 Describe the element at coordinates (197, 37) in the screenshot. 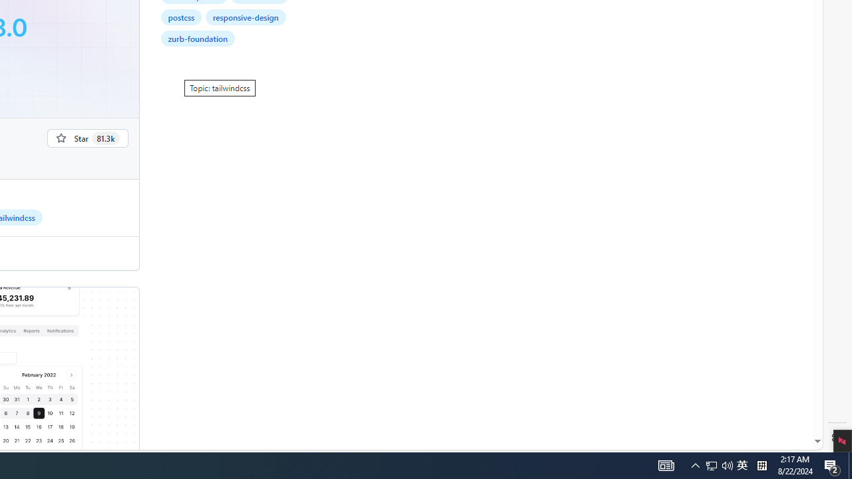

I see `'zurb-foundation'` at that location.